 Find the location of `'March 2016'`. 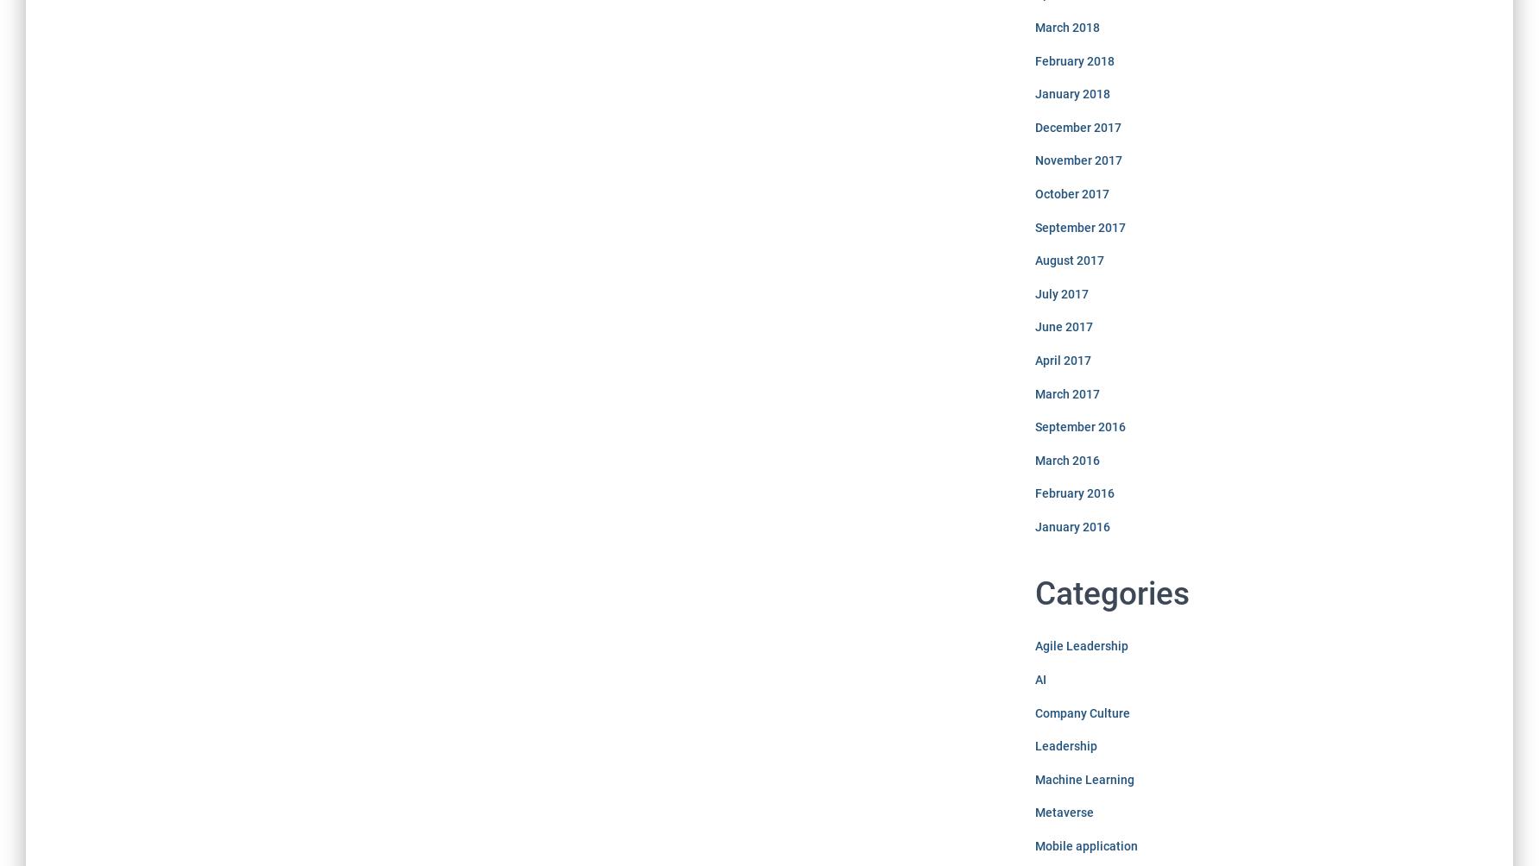

'March 2016' is located at coordinates (1065, 460).